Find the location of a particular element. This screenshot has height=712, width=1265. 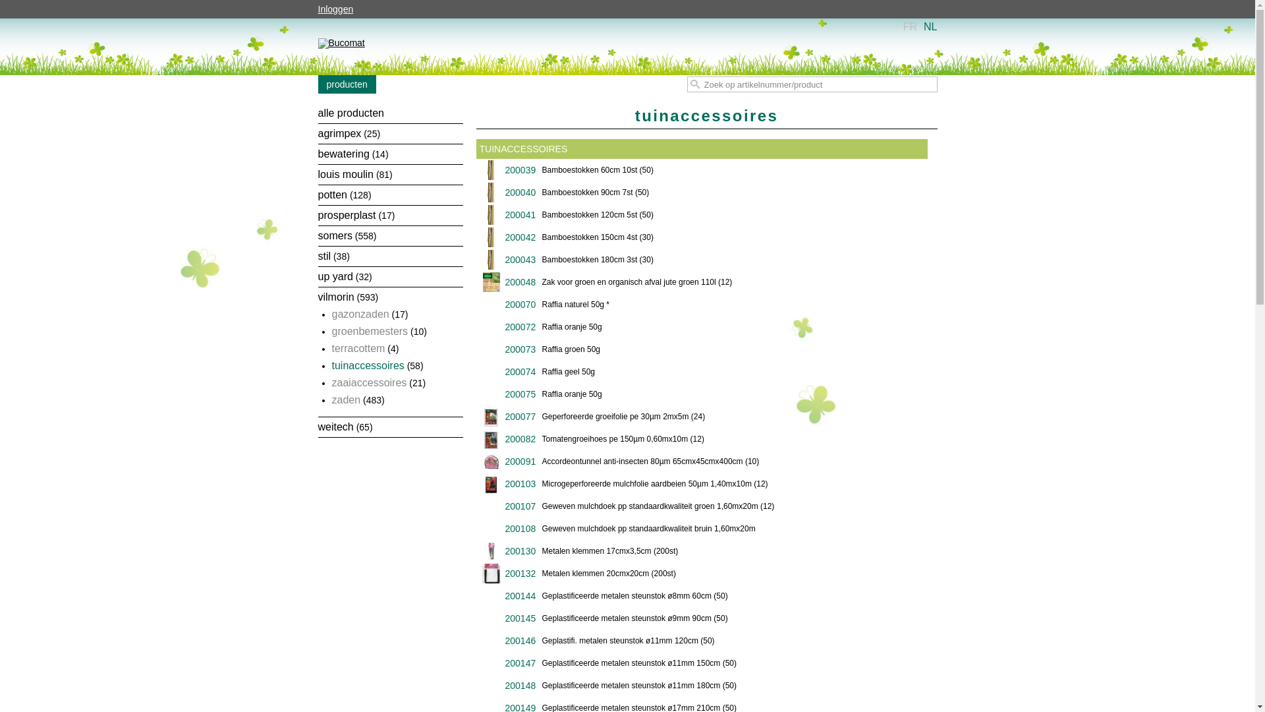

'NL' is located at coordinates (922, 26).